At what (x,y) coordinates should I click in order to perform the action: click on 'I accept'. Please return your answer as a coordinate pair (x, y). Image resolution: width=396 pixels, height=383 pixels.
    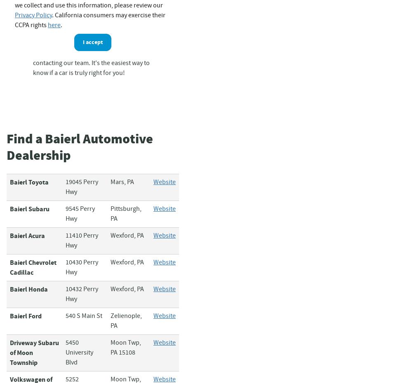
    Looking at the image, I should click on (93, 42).